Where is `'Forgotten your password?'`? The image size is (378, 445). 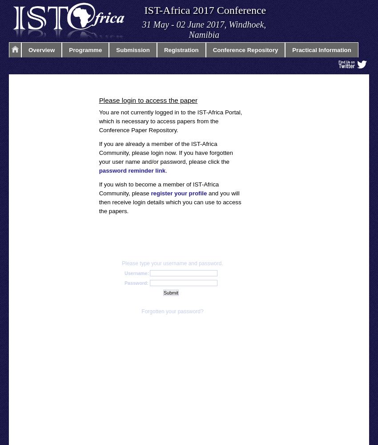 'Forgotten your password?' is located at coordinates (172, 311).